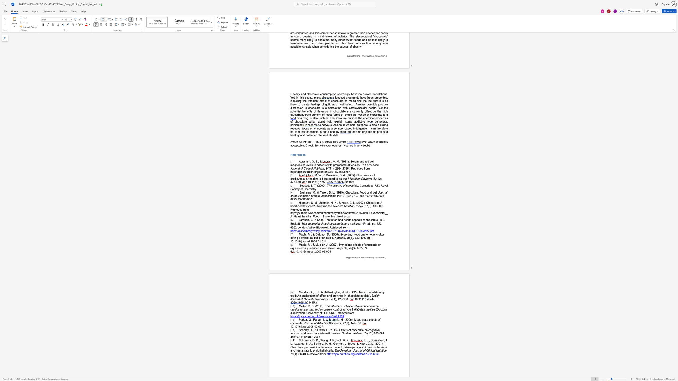  I want to click on the space between the continuous character "r" and "m" in the text, so click(338, 343).